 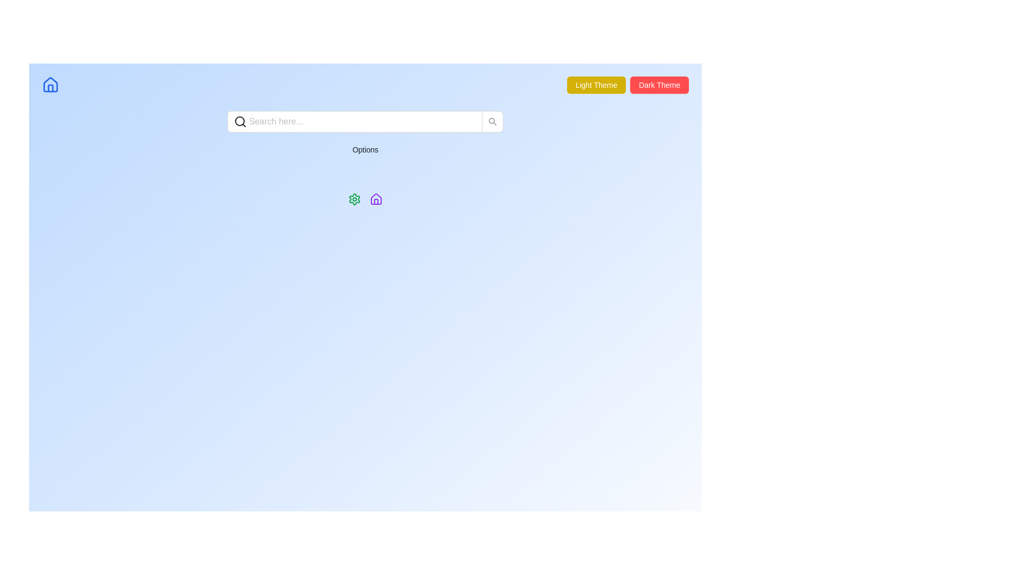 What do you see at coordinates (596, 85) in the screenshot?
I see `the 'Light Theme' button, which displays white text on a yellow background and is located at the top-right corner of the interface` at bounding box center [596, 85].